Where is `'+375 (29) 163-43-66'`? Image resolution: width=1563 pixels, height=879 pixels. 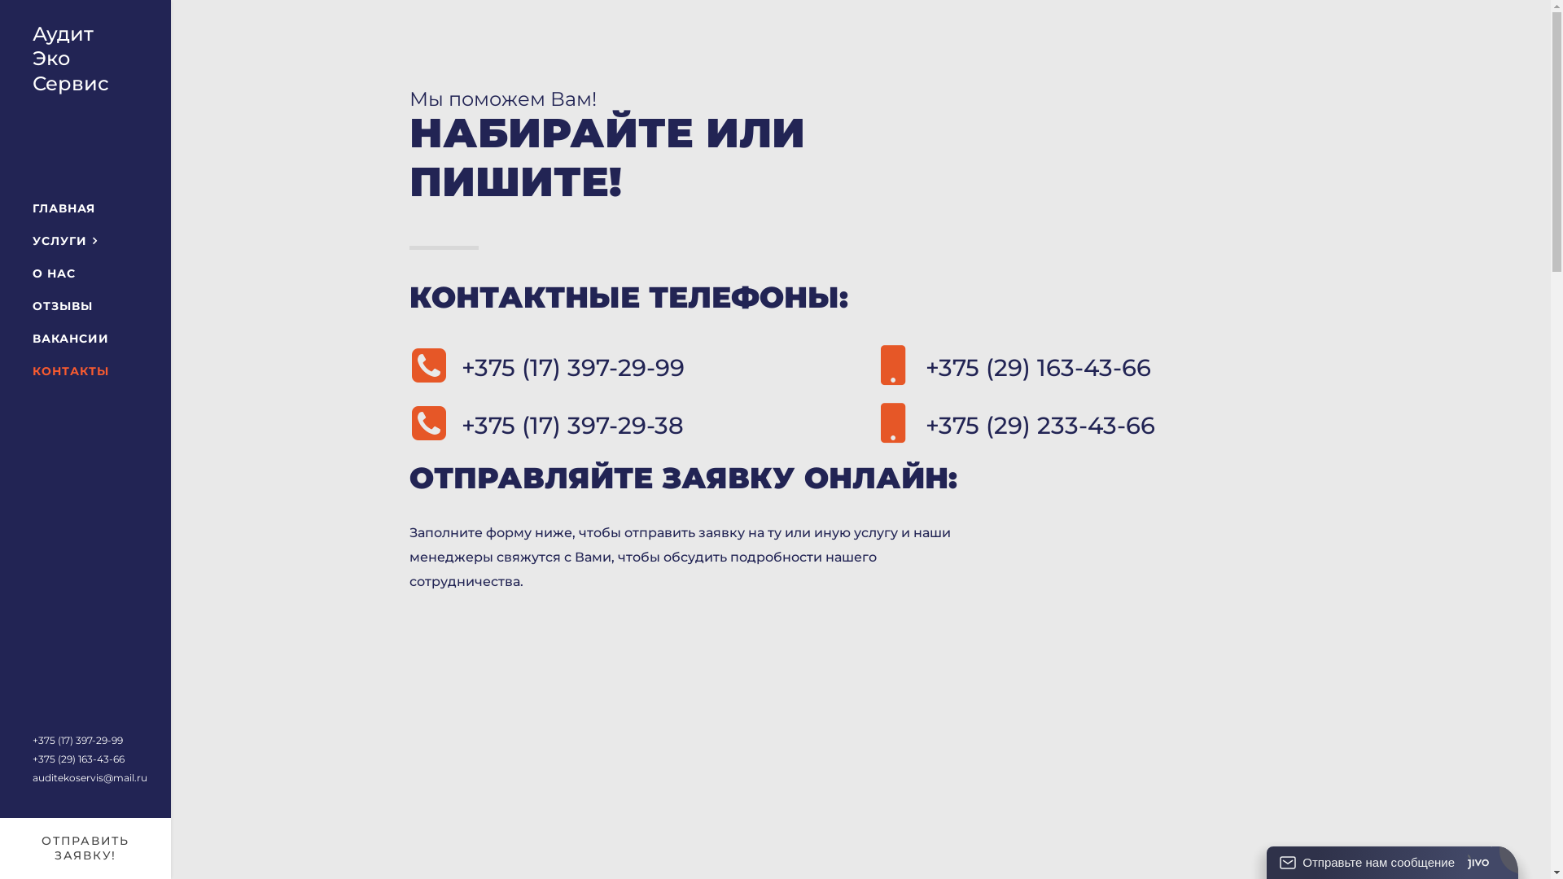
'+375 (29) 163-43-66' is located at coordinates (77, 759).